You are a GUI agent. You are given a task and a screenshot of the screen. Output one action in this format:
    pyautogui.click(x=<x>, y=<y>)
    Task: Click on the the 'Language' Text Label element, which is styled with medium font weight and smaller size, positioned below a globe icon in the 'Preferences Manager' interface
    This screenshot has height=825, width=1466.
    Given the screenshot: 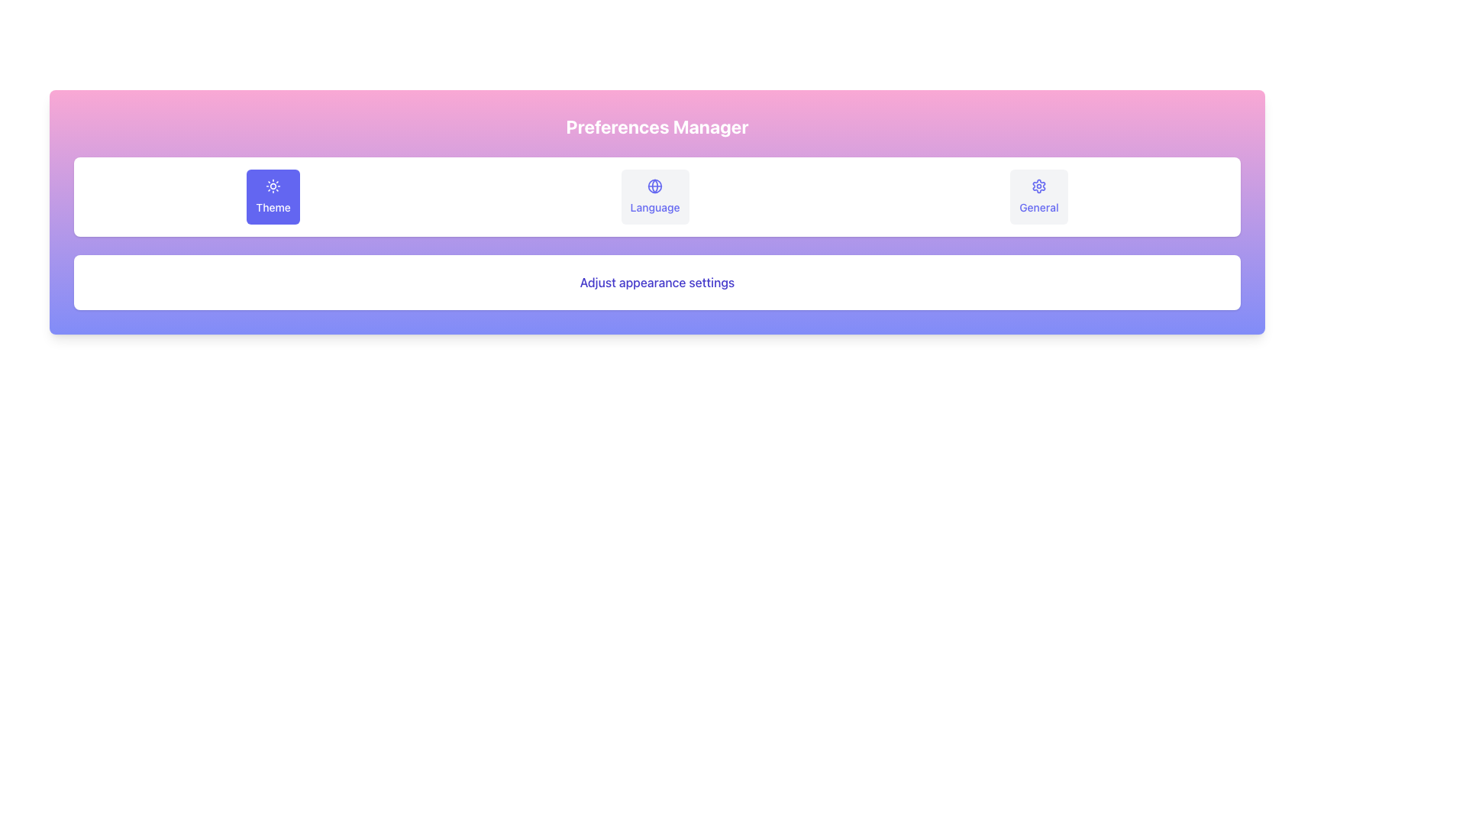 What is the action you would take?
    pyautogui.click(x=655, y=208)
    